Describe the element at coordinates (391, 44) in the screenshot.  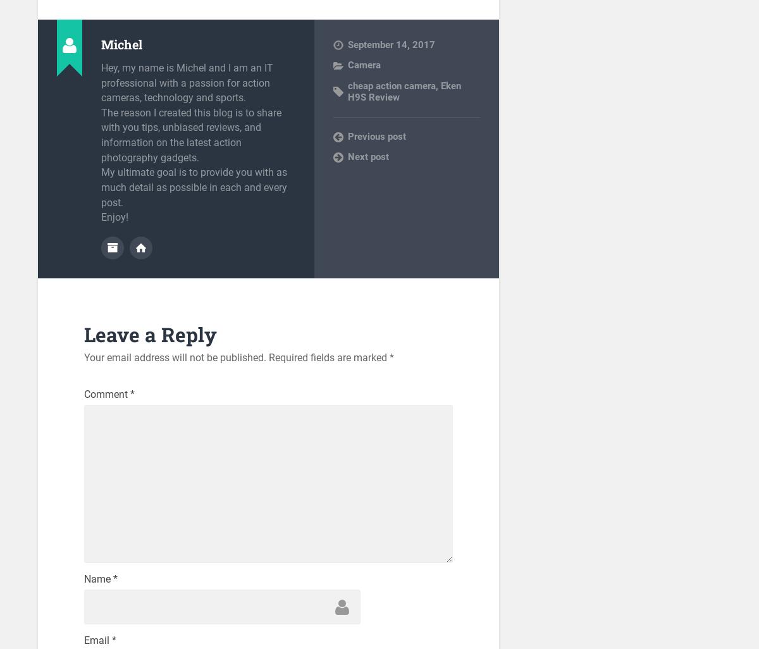
I see `'September 14, 2017'` at that location.